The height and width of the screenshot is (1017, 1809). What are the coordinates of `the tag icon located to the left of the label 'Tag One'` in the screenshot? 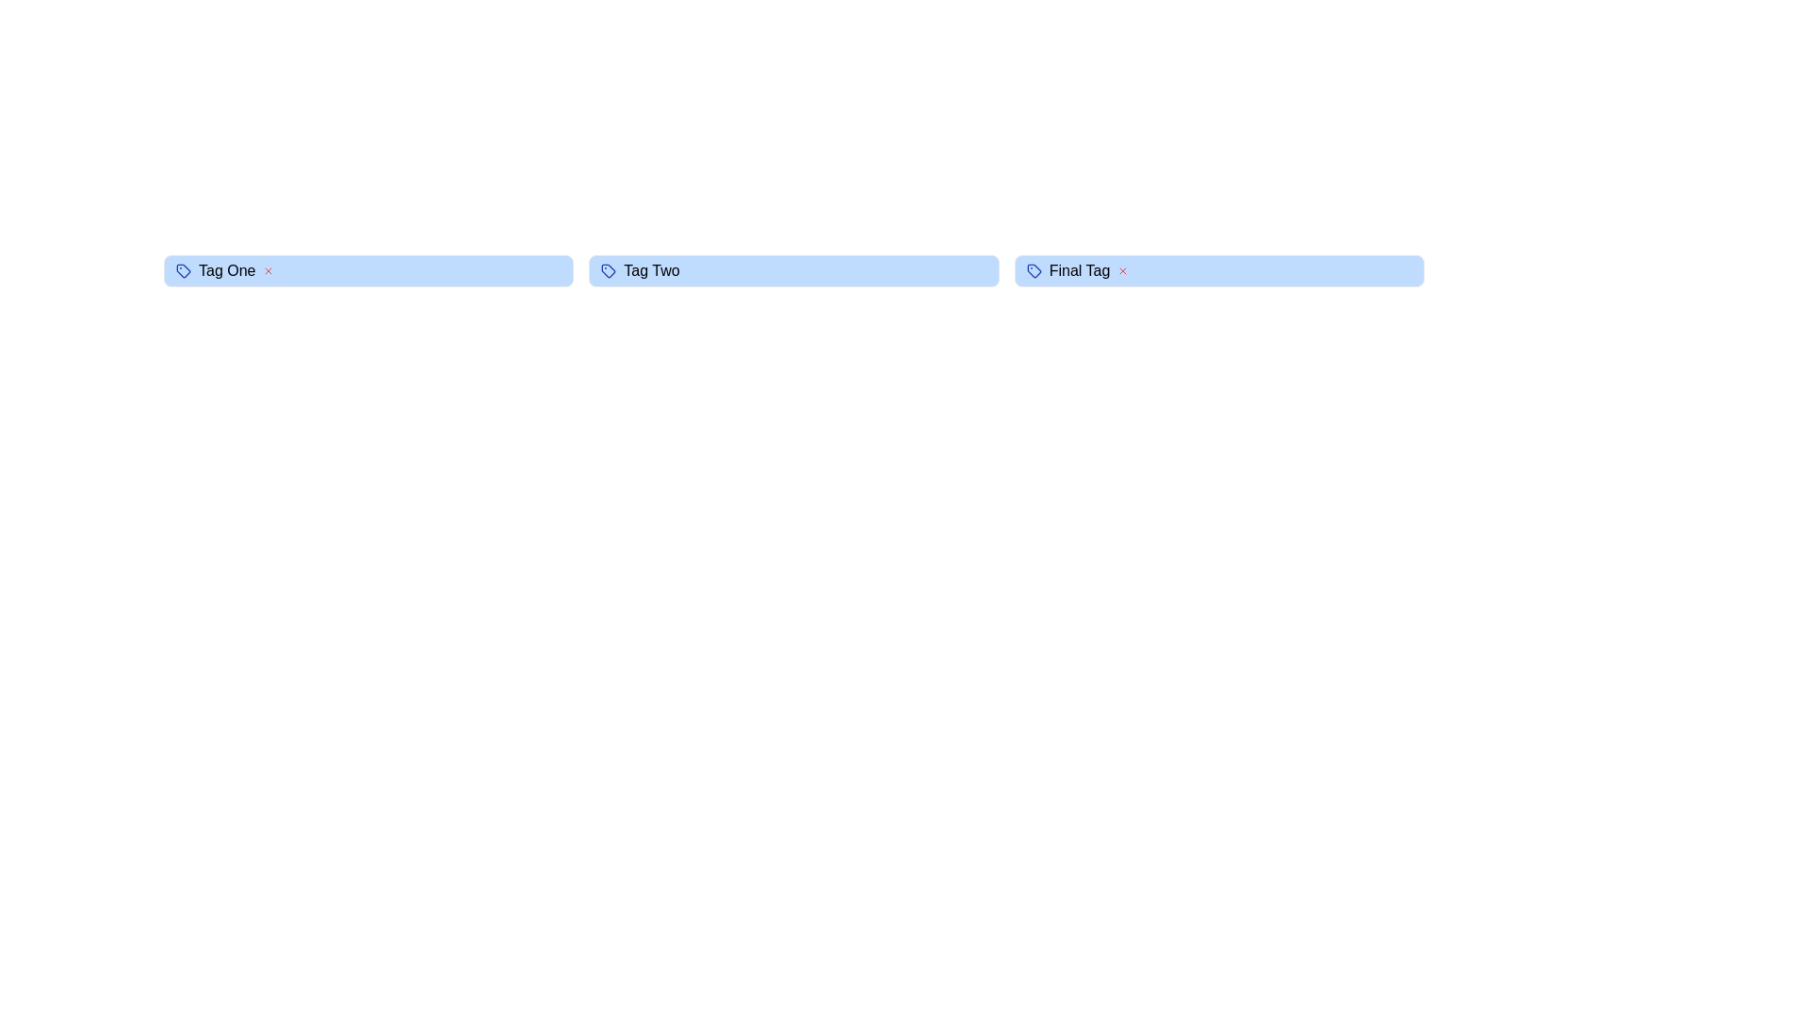 It's located at (184, 271).